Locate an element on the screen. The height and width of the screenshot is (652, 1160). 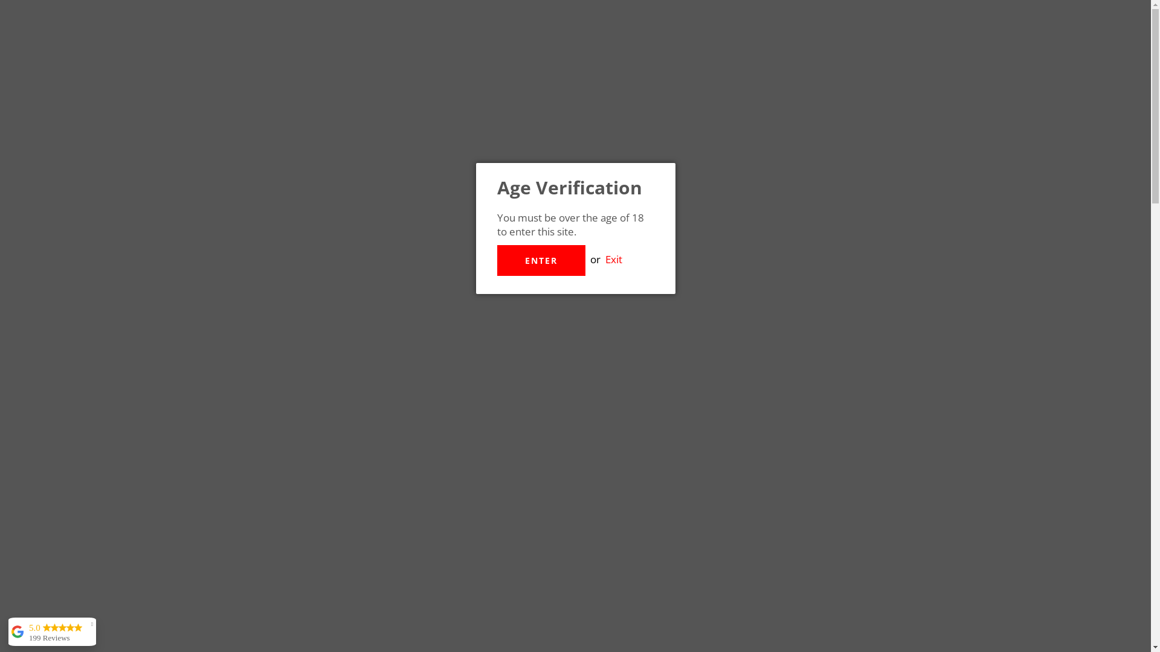
'ENTER' is located at coordinates (540, 260).